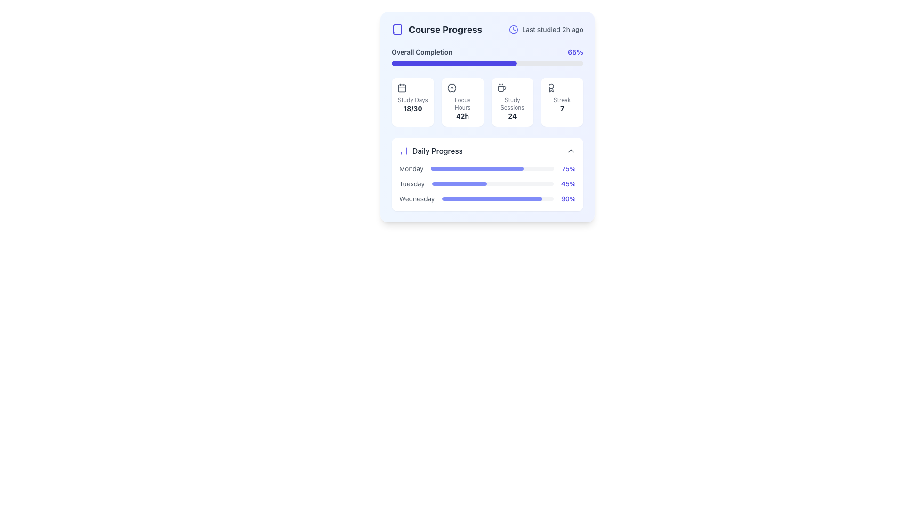  Describe the element at coordinates (462, 103) in the screenshot. I see `the 'Focus Hours' label displaying 'Focus Hours' in a small, gray font, which is positioned above the text '42h' within the 'Course Progress' dashboard` at that location.